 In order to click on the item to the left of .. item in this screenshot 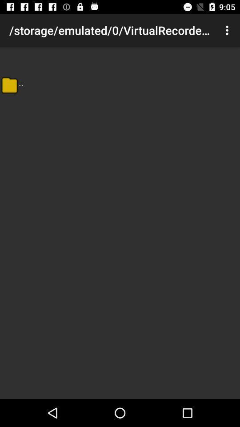, I will do `click(9, 85)`.